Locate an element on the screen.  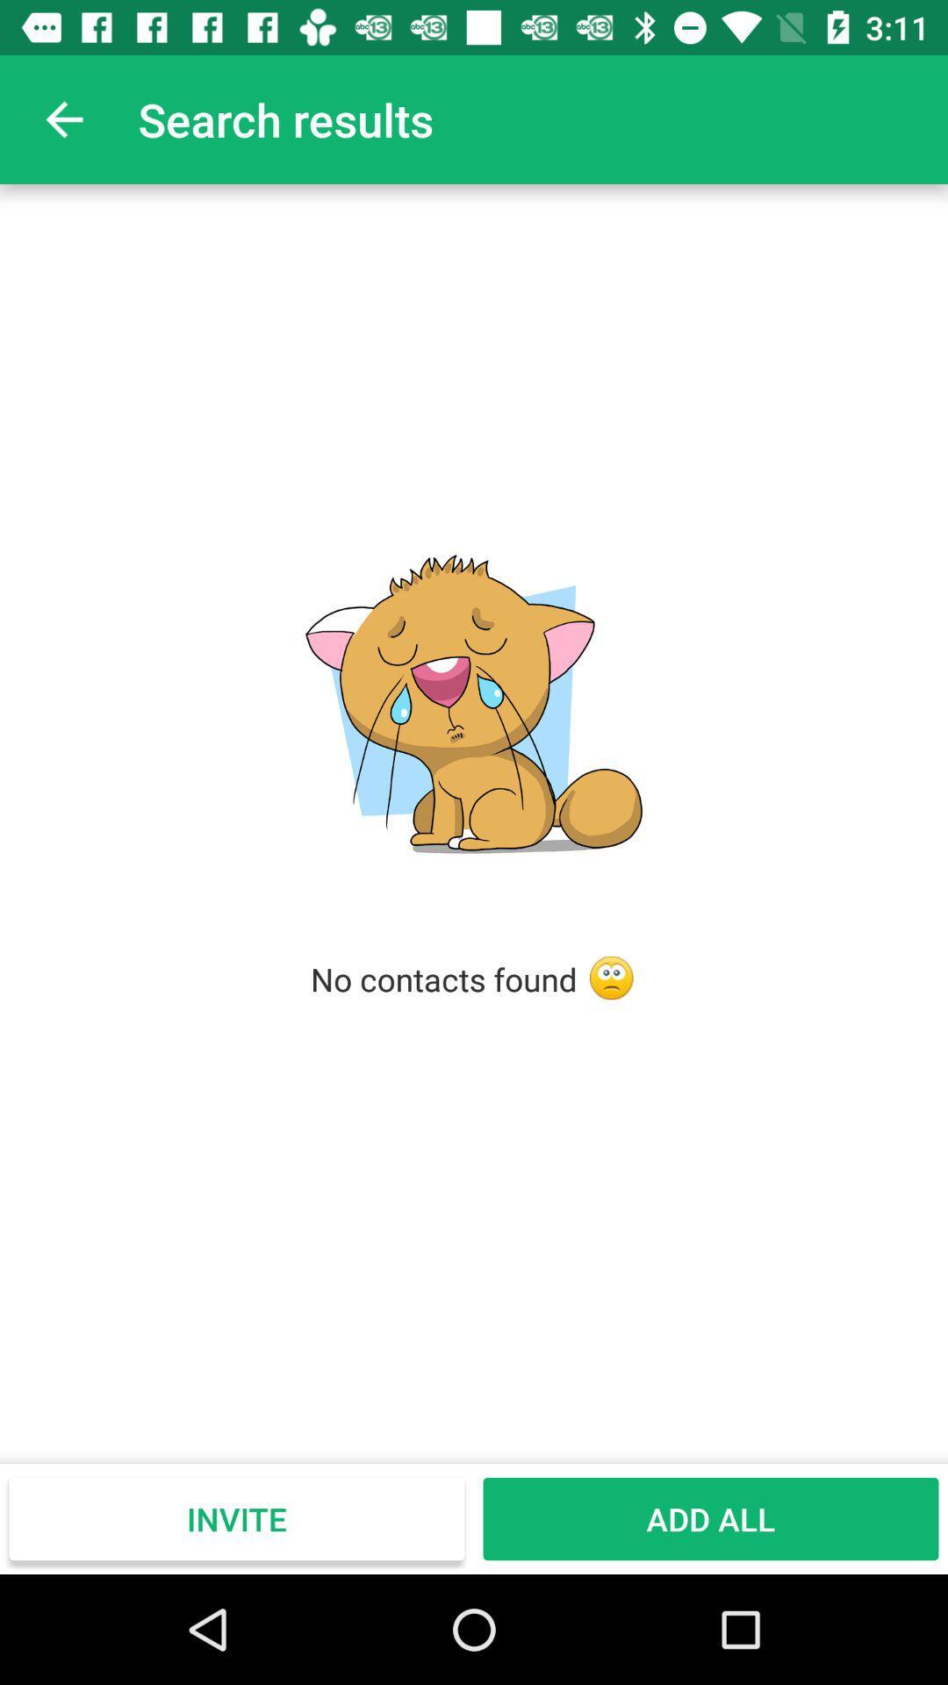
item at the bottom left corner is located at coordinates (237, 1518).